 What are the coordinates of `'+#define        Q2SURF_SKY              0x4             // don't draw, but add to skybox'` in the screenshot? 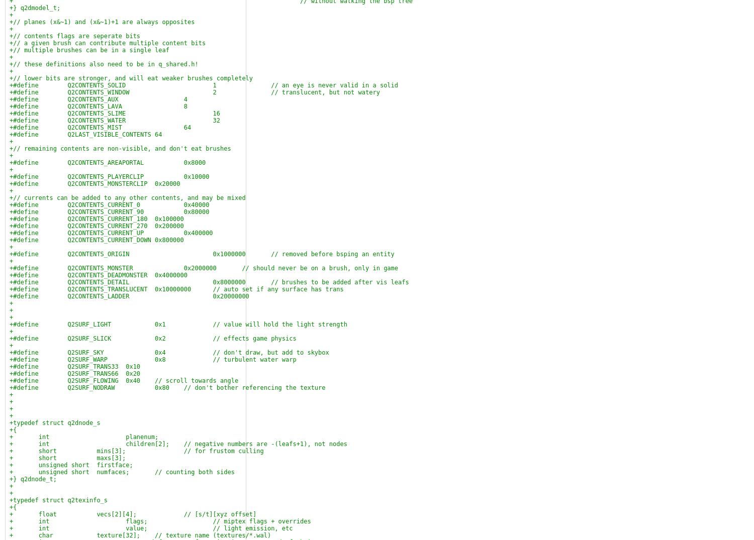 It's located at (168, 352).